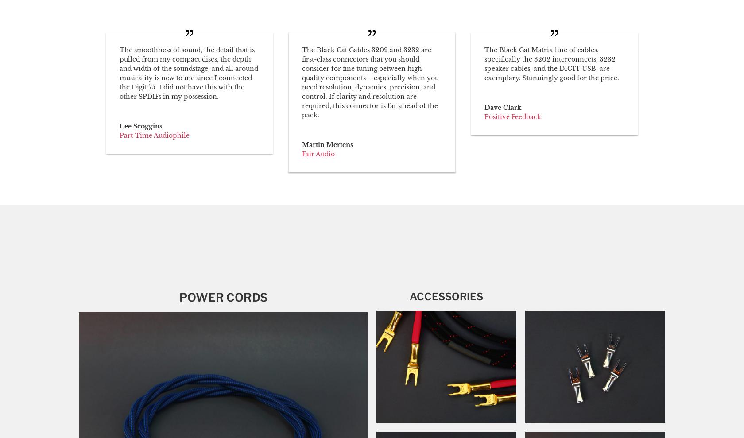 The image size is (744, 438). Describe the element at coordinates (318, 153) in the screenshot. I see `'Fair Audio'` at that location.